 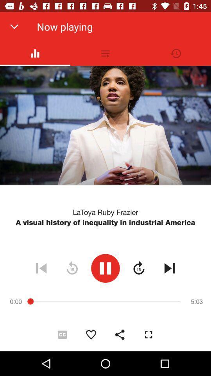 What do you see at coordinates (138, 268) in the screenshot?
I see `the av_forward icon` at bounding box center [138, 268].